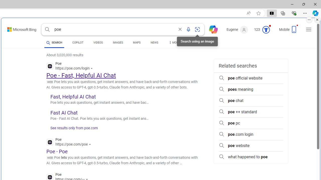 The width and height of the screenshot is (321, 180). Describe the element at coordinates (47, 29) in the screenshot. I see `'Search button'` at that location.